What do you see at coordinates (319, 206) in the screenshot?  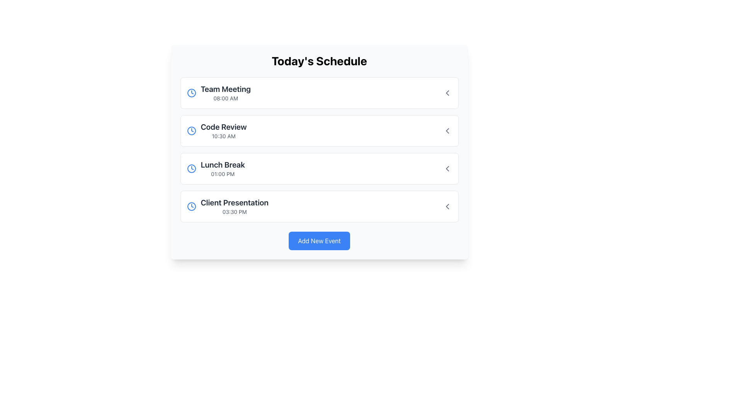 I see `within the 'Client Presentation' list item to interact with it, which contains the title 'Client Presentation' and the time '03:30 PM', and is located in the vertical list of today's schedule` at bounding box center [319, 206].